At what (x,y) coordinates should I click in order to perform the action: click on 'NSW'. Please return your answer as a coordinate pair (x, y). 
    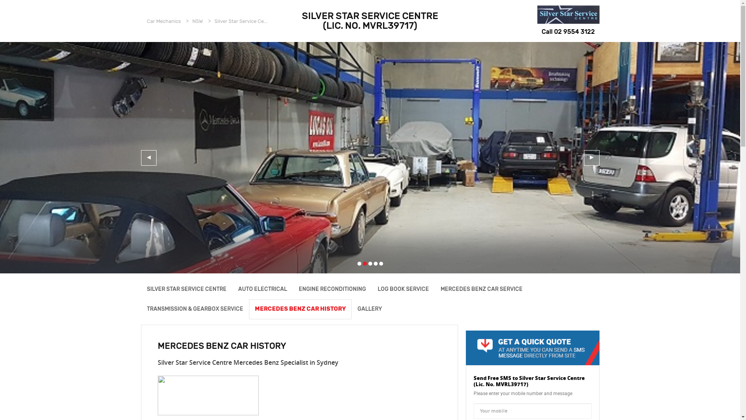
    Looking at the image, I should click on (197, 21).